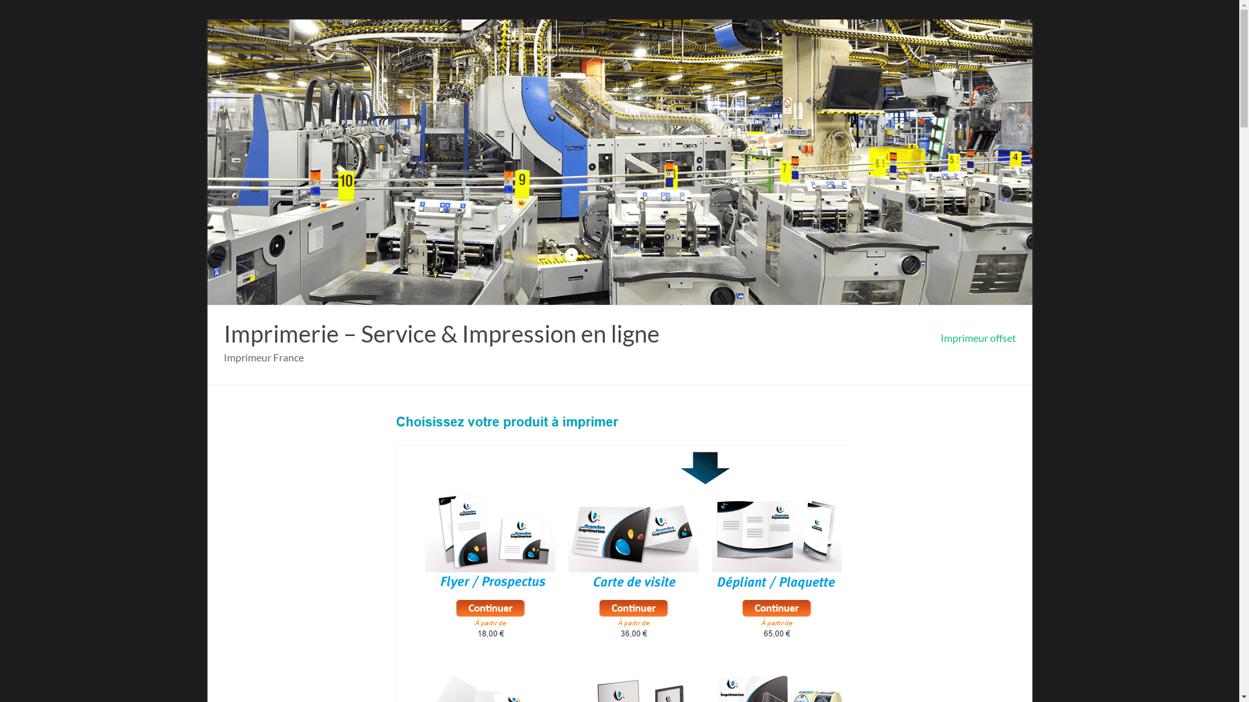  Describe the element at coordinates (978, 337) in the screenshot. I see `'Imprimeur offset'` at that location.